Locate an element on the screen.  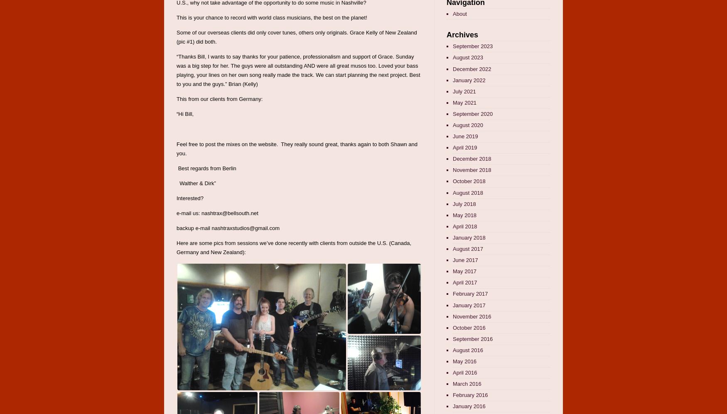
'Interested?' is located at coordinates (190, 198).